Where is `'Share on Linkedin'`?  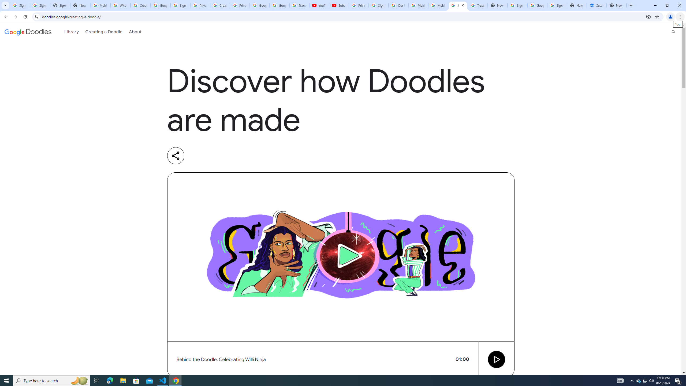 'Share on Linkedin' is located at coordinates (197, 156).